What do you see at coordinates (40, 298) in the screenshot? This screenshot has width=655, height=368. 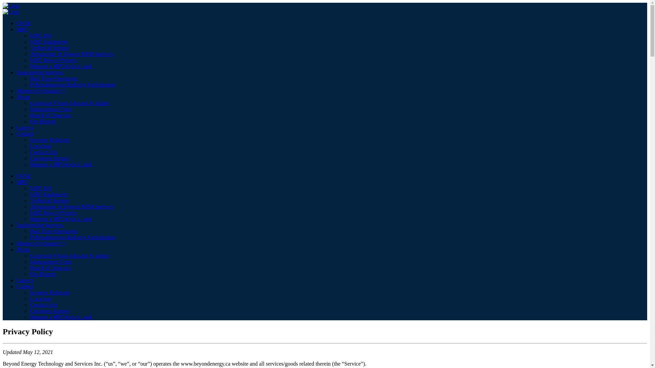 I see `'Locations'` at bounding box center [40, 298].